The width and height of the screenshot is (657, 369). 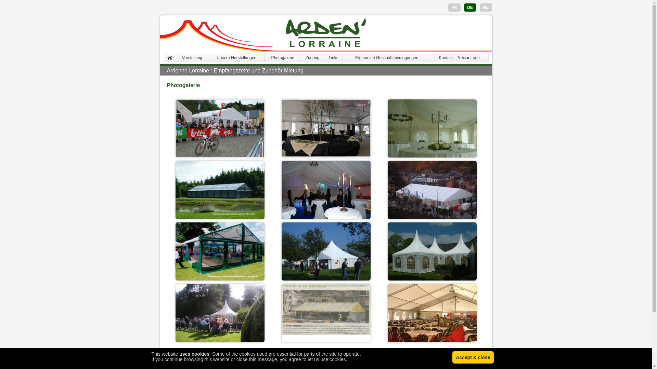 I want to click on 'uses cookies', so click(x=194, y=354).